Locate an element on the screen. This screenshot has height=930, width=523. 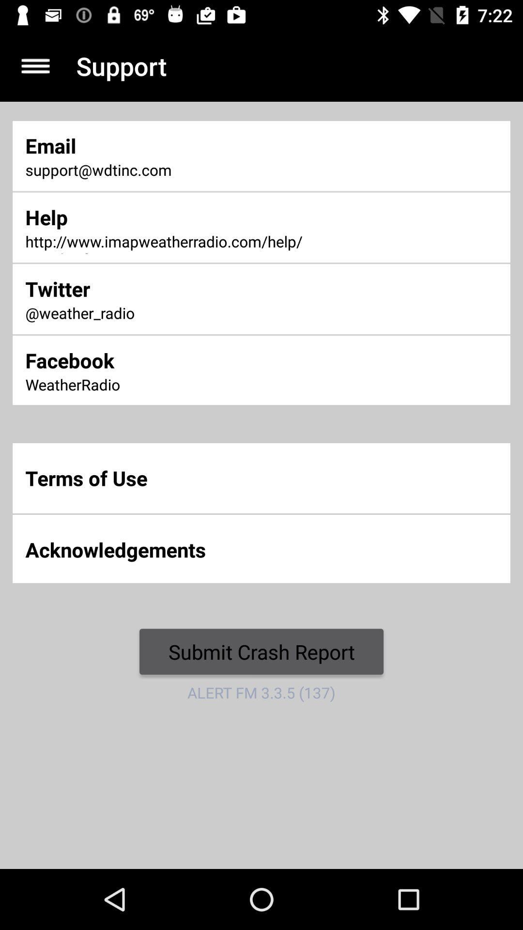
the menu option is located at coordinates (35, 65).